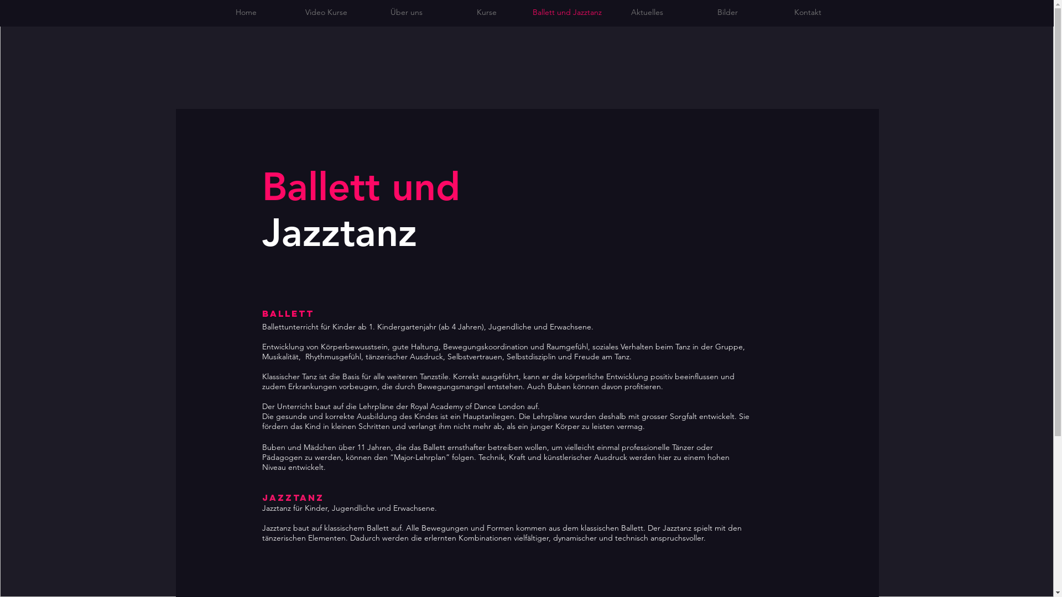 Image resolution: width=1062 pixels, height=597 pixels. I want to click on 'Bilder', so click(727, 12).